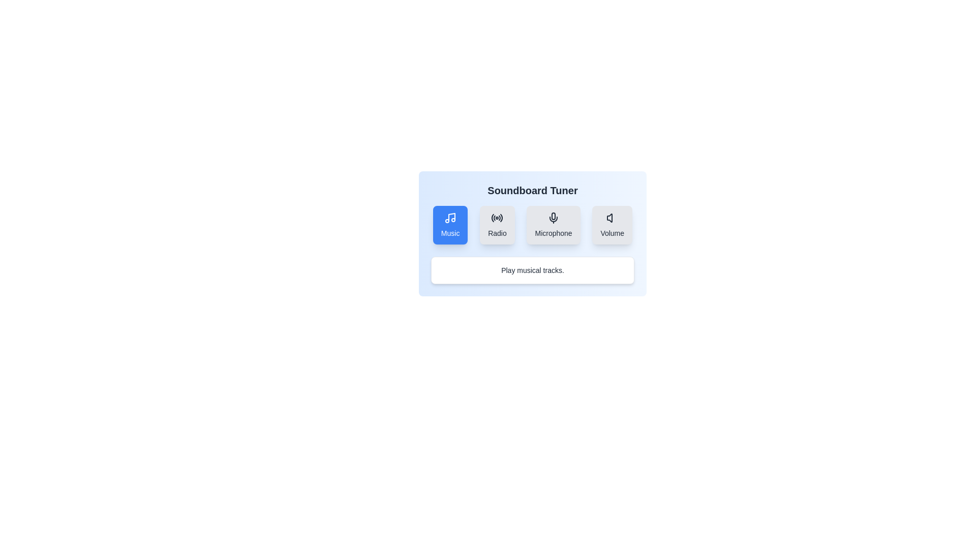 The image size is (976, 549). What do you see at coordinates (450, 225) in the screenshot?
I see `the Music option in the Soundboard Tuner menu` at bounding box center [450, 225].